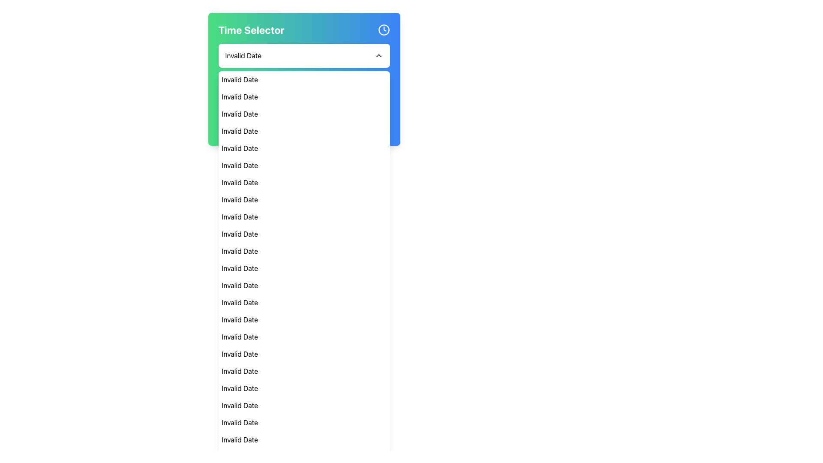 Image resolution: width=823 pixels, height=463 pixels. Describe the element at coordinates (304, 388) in the screenshot. I see `to select the 20th entry in the dropdown menu indicating 'Invalid Date'` at that location.